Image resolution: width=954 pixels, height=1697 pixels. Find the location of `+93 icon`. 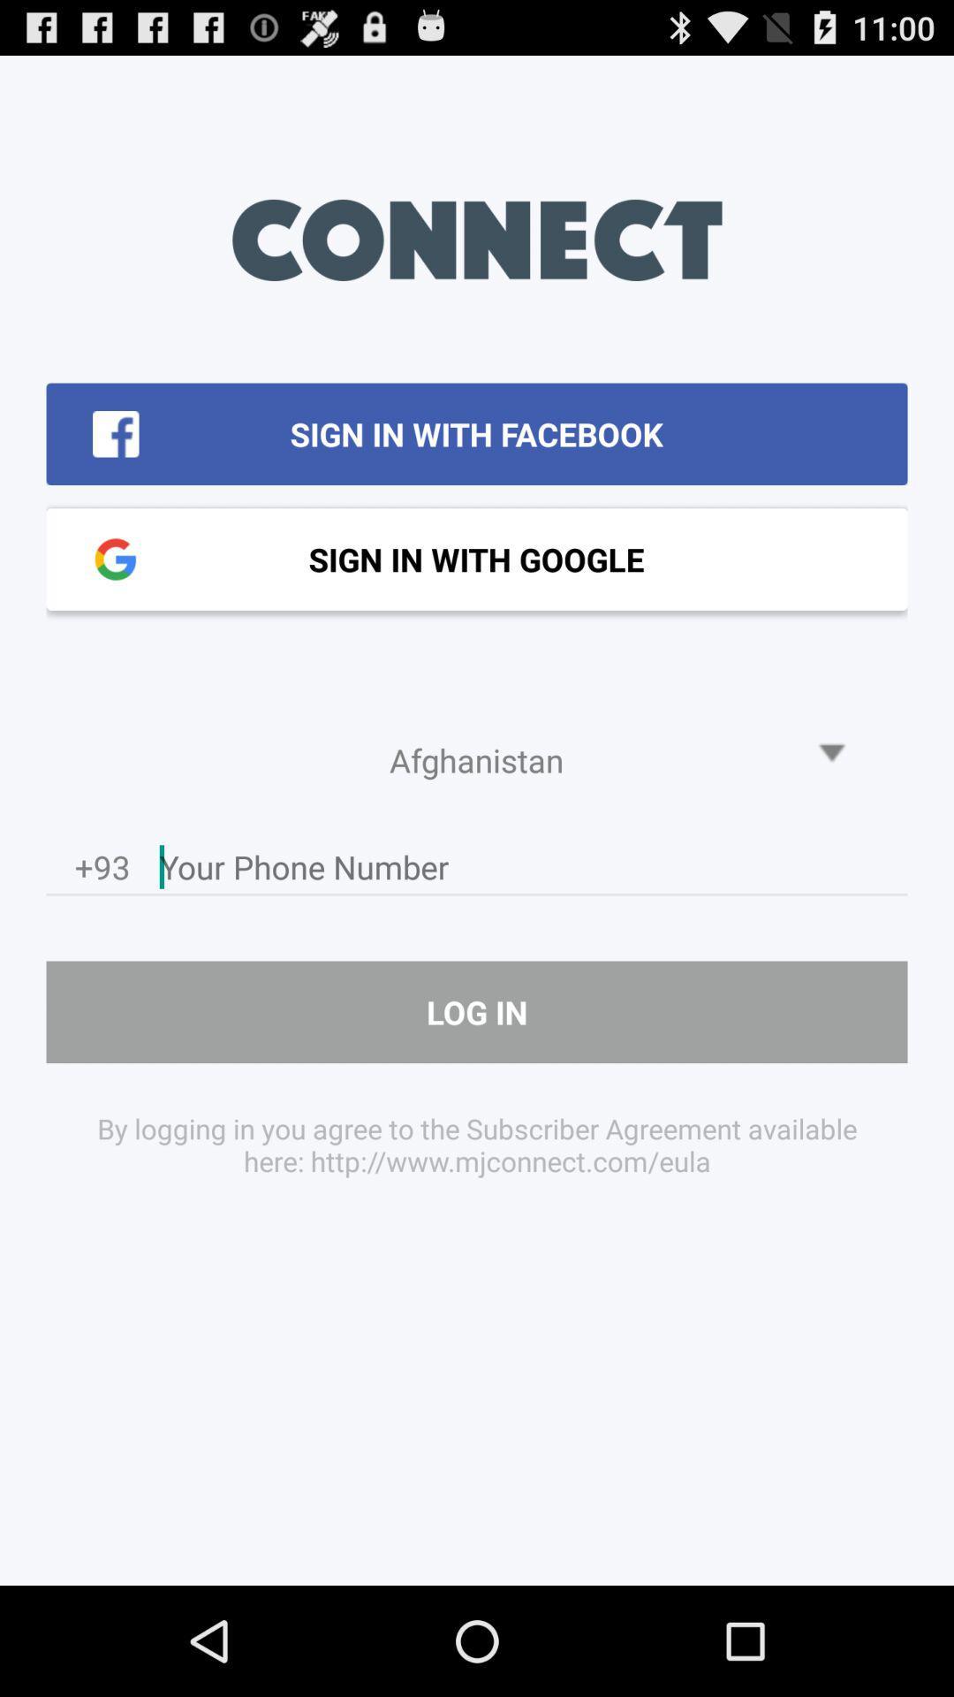

+93 icon is located at coordinates (102, 871).